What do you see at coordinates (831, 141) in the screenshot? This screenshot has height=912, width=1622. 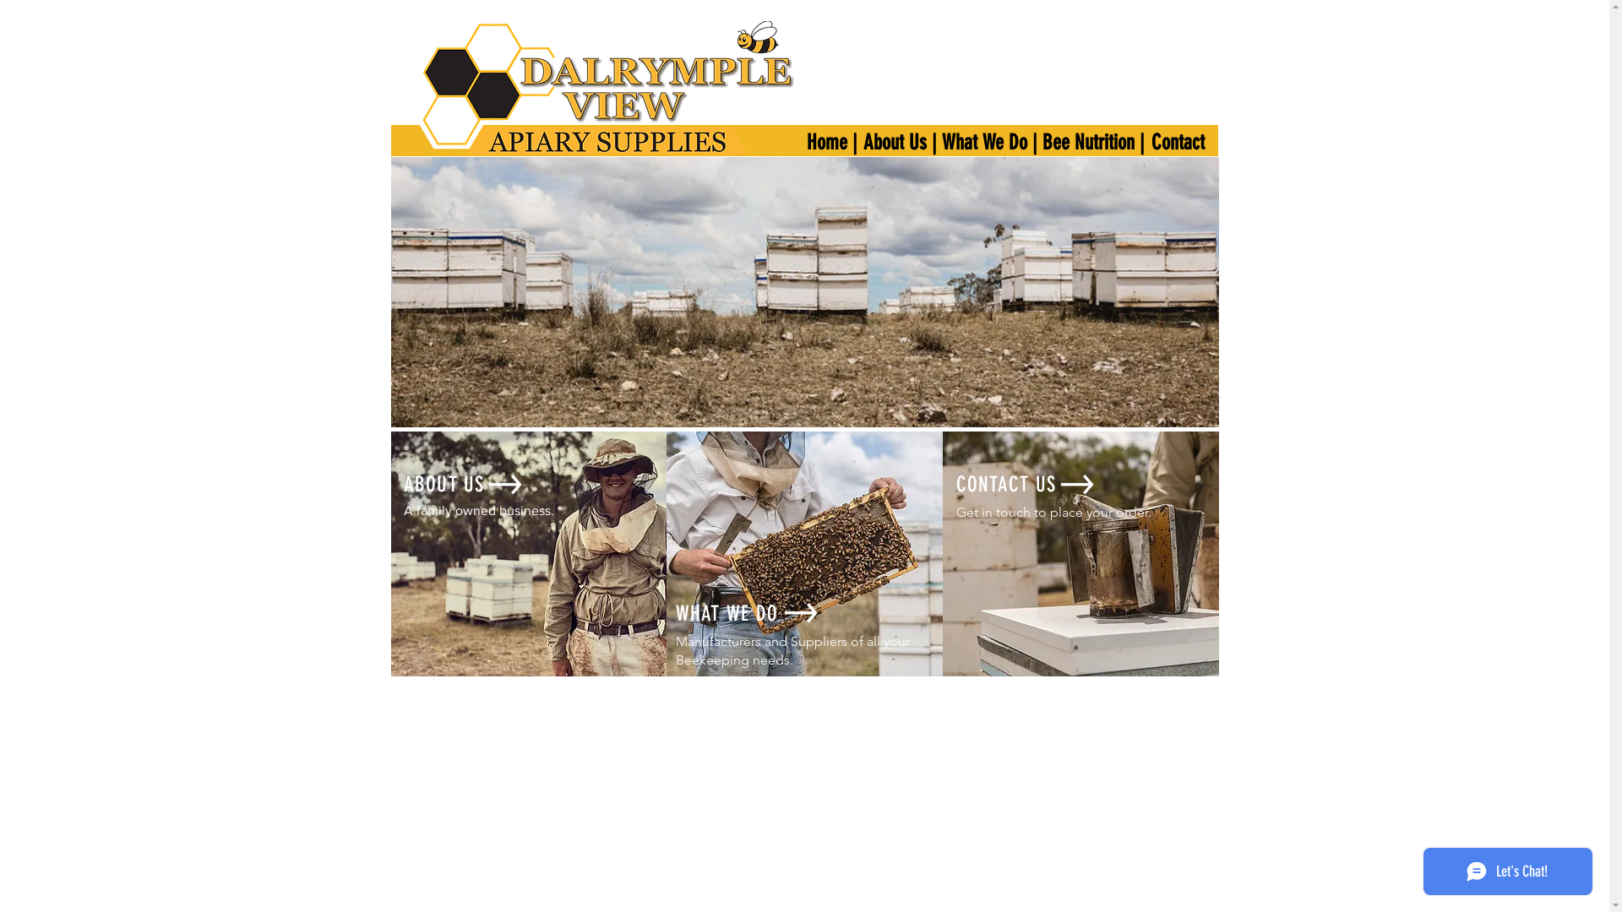 I see `'Home |'` at bounding box center [831, 141].